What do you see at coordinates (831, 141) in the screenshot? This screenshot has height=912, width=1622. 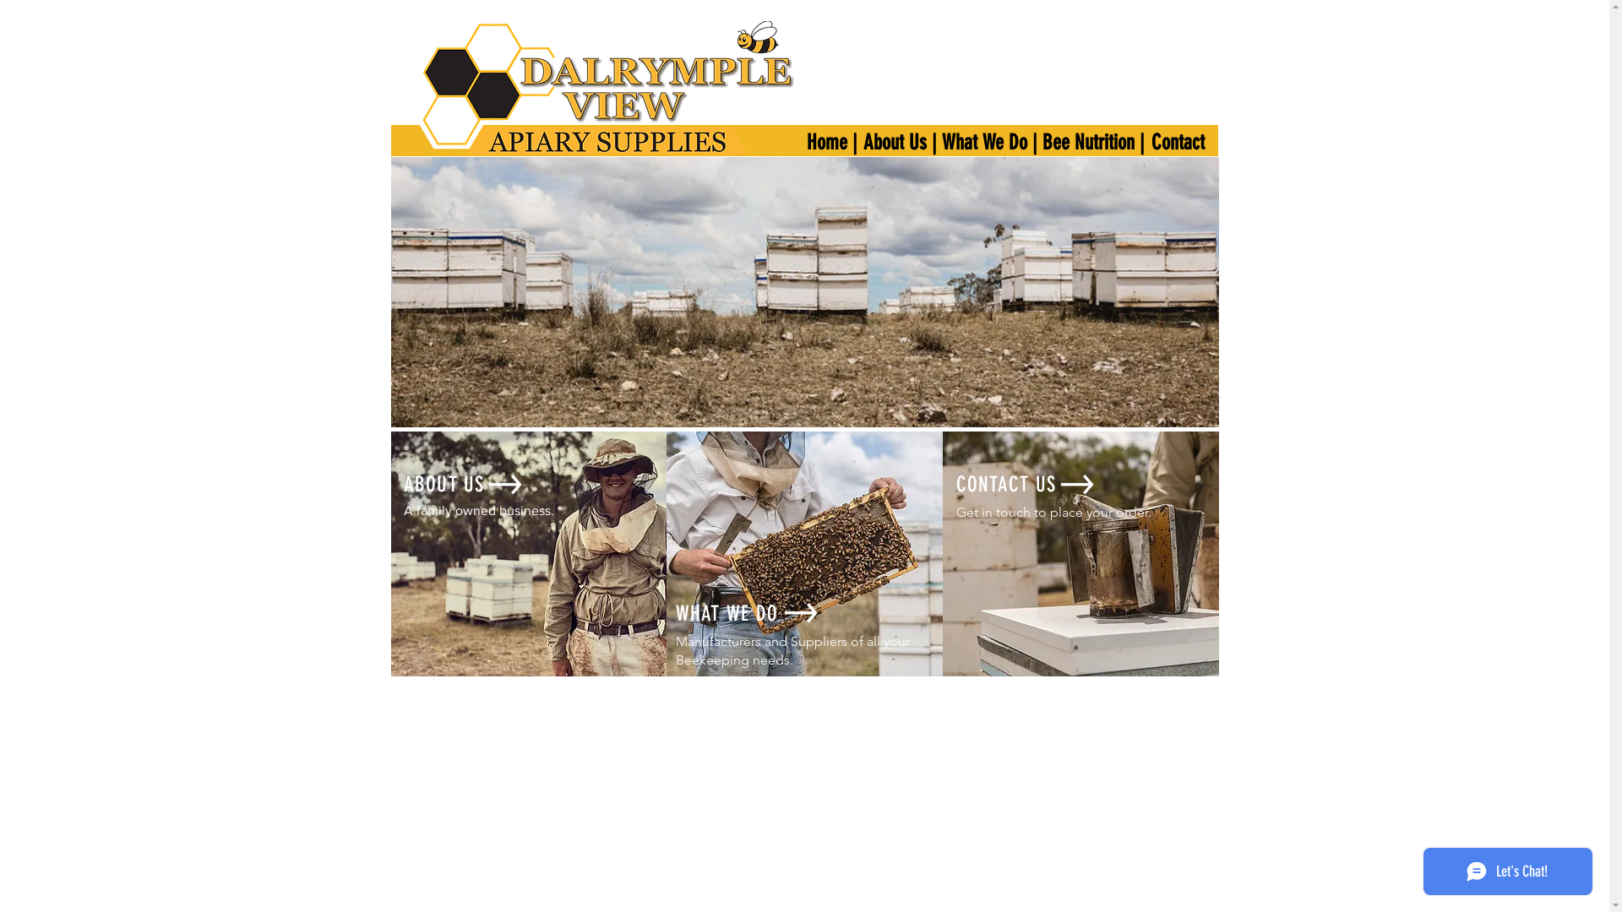 I see `'Home |'` at bounding box center [831, 141].